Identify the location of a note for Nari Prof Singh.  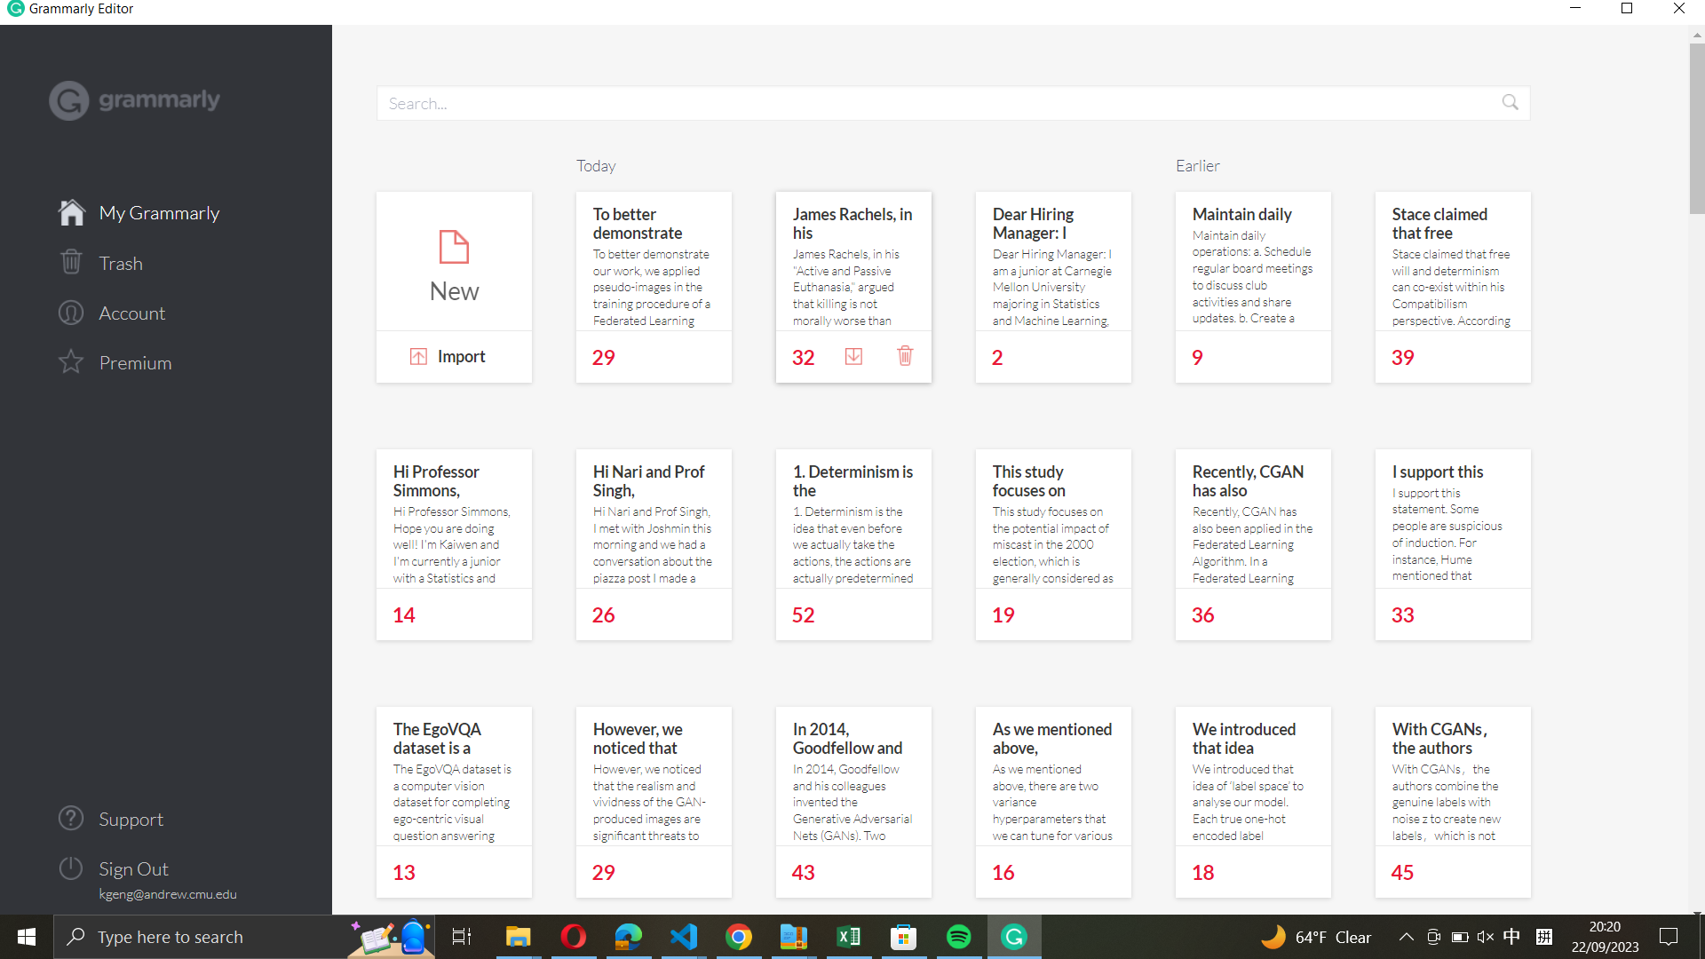
(653, 518).